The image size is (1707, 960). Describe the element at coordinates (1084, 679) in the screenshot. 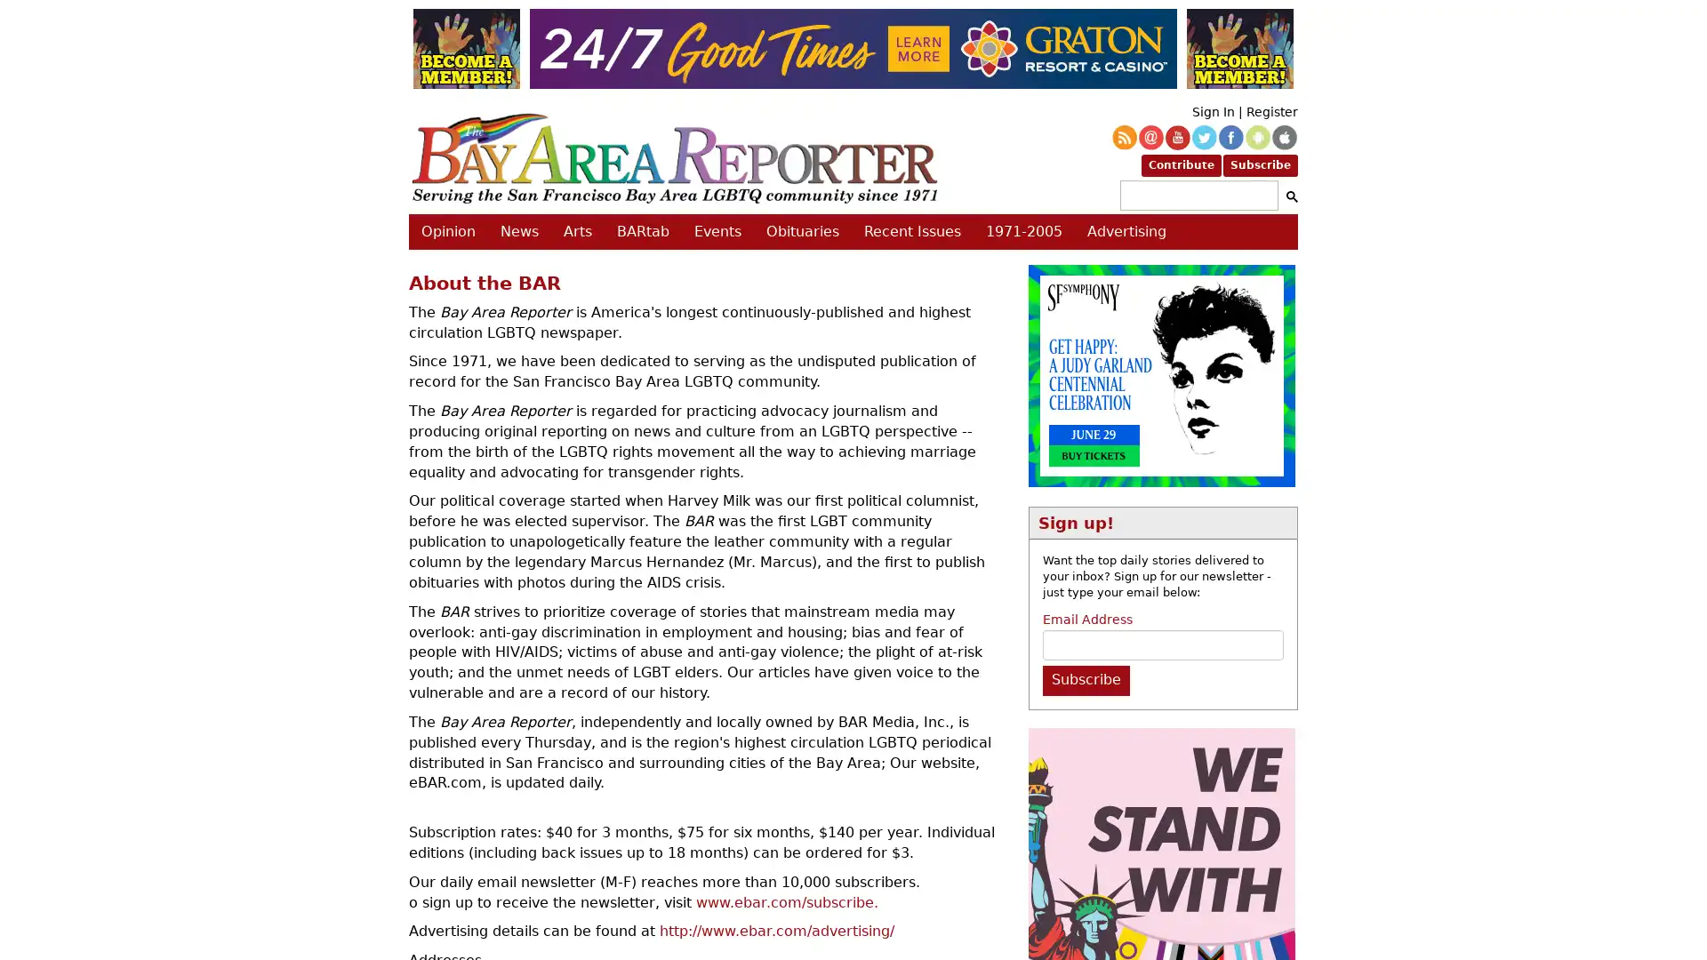

I see `Subscribe` at that location.